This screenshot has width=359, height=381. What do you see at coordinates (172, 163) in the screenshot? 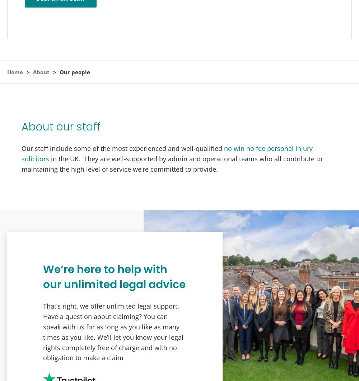
I see `'in the UK.  They are well-supported by admin and operational teams who all contribute to maintaining the high level of service we’re committed to provide.'` at bounding box center [172, 163].